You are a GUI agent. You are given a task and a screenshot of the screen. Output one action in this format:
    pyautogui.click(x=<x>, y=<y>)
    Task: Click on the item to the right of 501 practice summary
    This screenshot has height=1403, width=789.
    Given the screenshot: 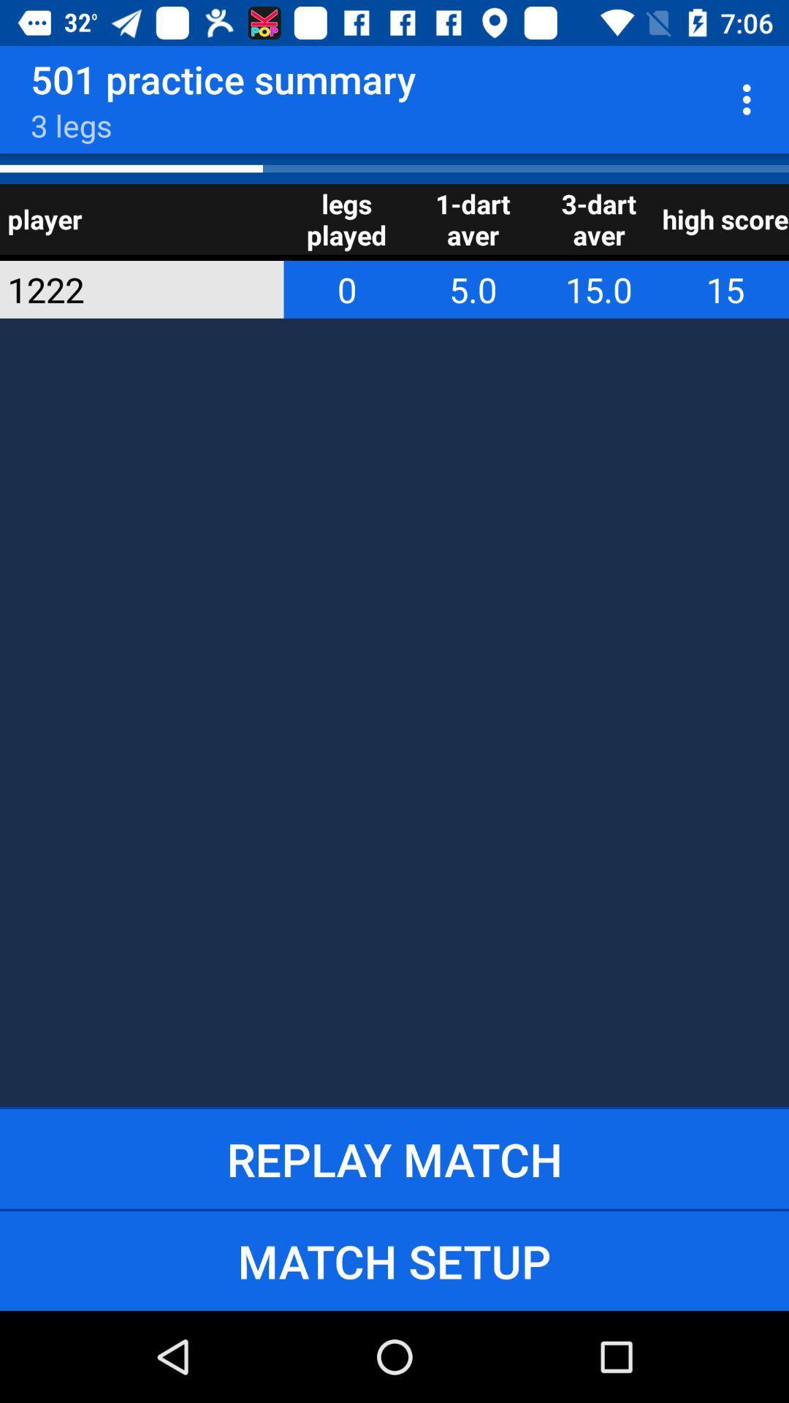 What is the action you would take?
    pyautogui.click(x=750, y=99)
    